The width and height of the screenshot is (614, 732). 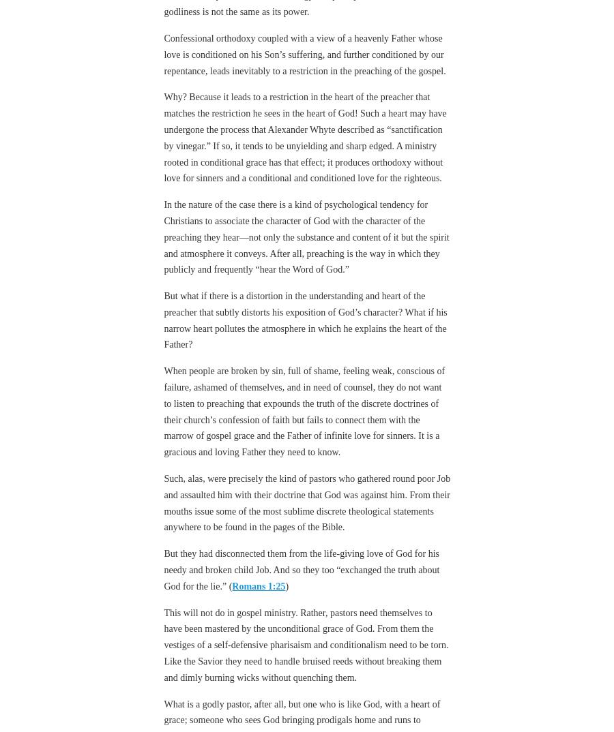 What do you see at coordinates (307, 464) in the screenshot?
I see `'Such, alas, were precisely the kind of pastors who gathered round poor Job and assaulted him with their doctrine that God was against him. From their mouths issue some of the most sublime discrete theological statements anywhere to be found in the pages of the Bible.'` at bounding box center [307, 464].